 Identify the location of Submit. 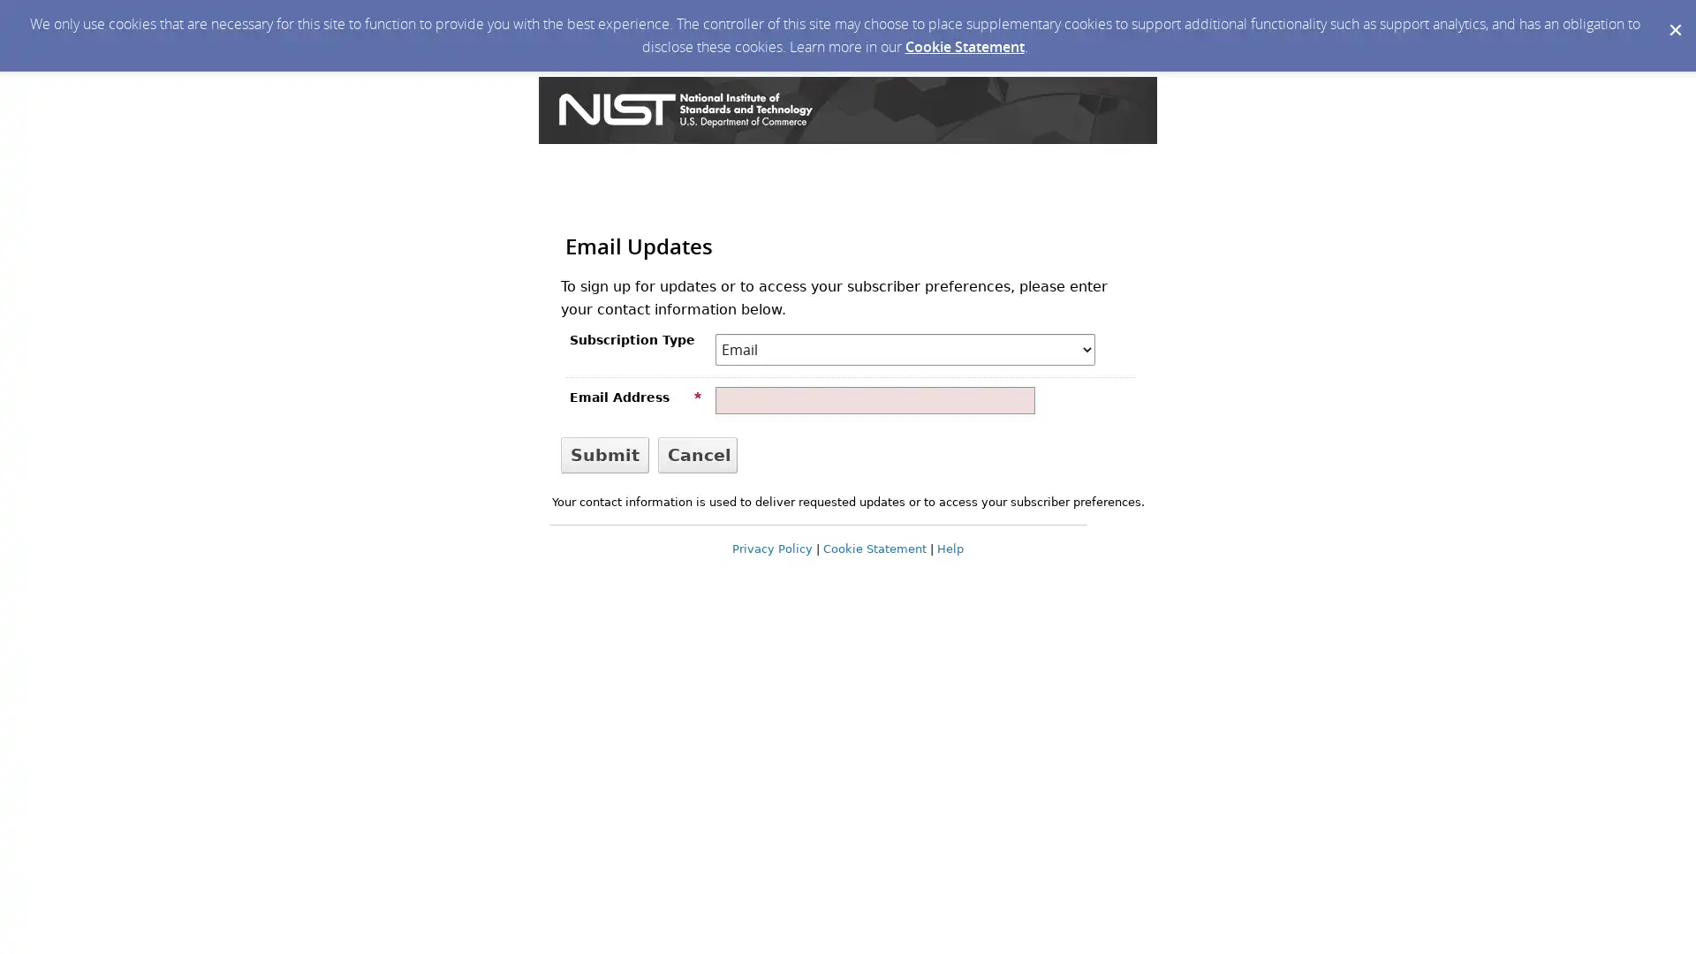
(605, 453).